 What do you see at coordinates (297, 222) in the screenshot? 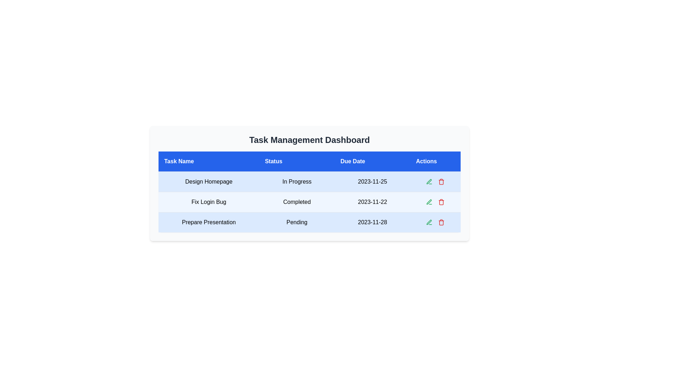
I see `the status indicator text label for the 'Prepare Presentation' task in the third row of the table, which indicates that the task is currently pending` at bounding box center [297, 222].